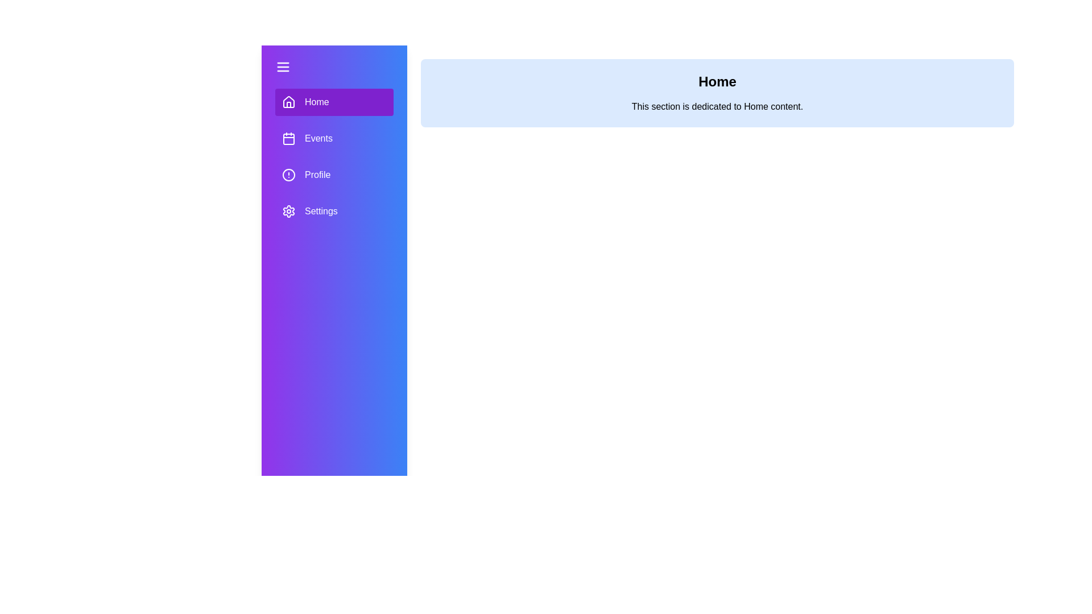 The image size is (1092, 614). Describe the element at coordinates (334, 157) in the screenshot. I see `the vertical menu item titled 'Events' in the sidebar, which is positioned under 'Home' and above 'Profile'` at that location.